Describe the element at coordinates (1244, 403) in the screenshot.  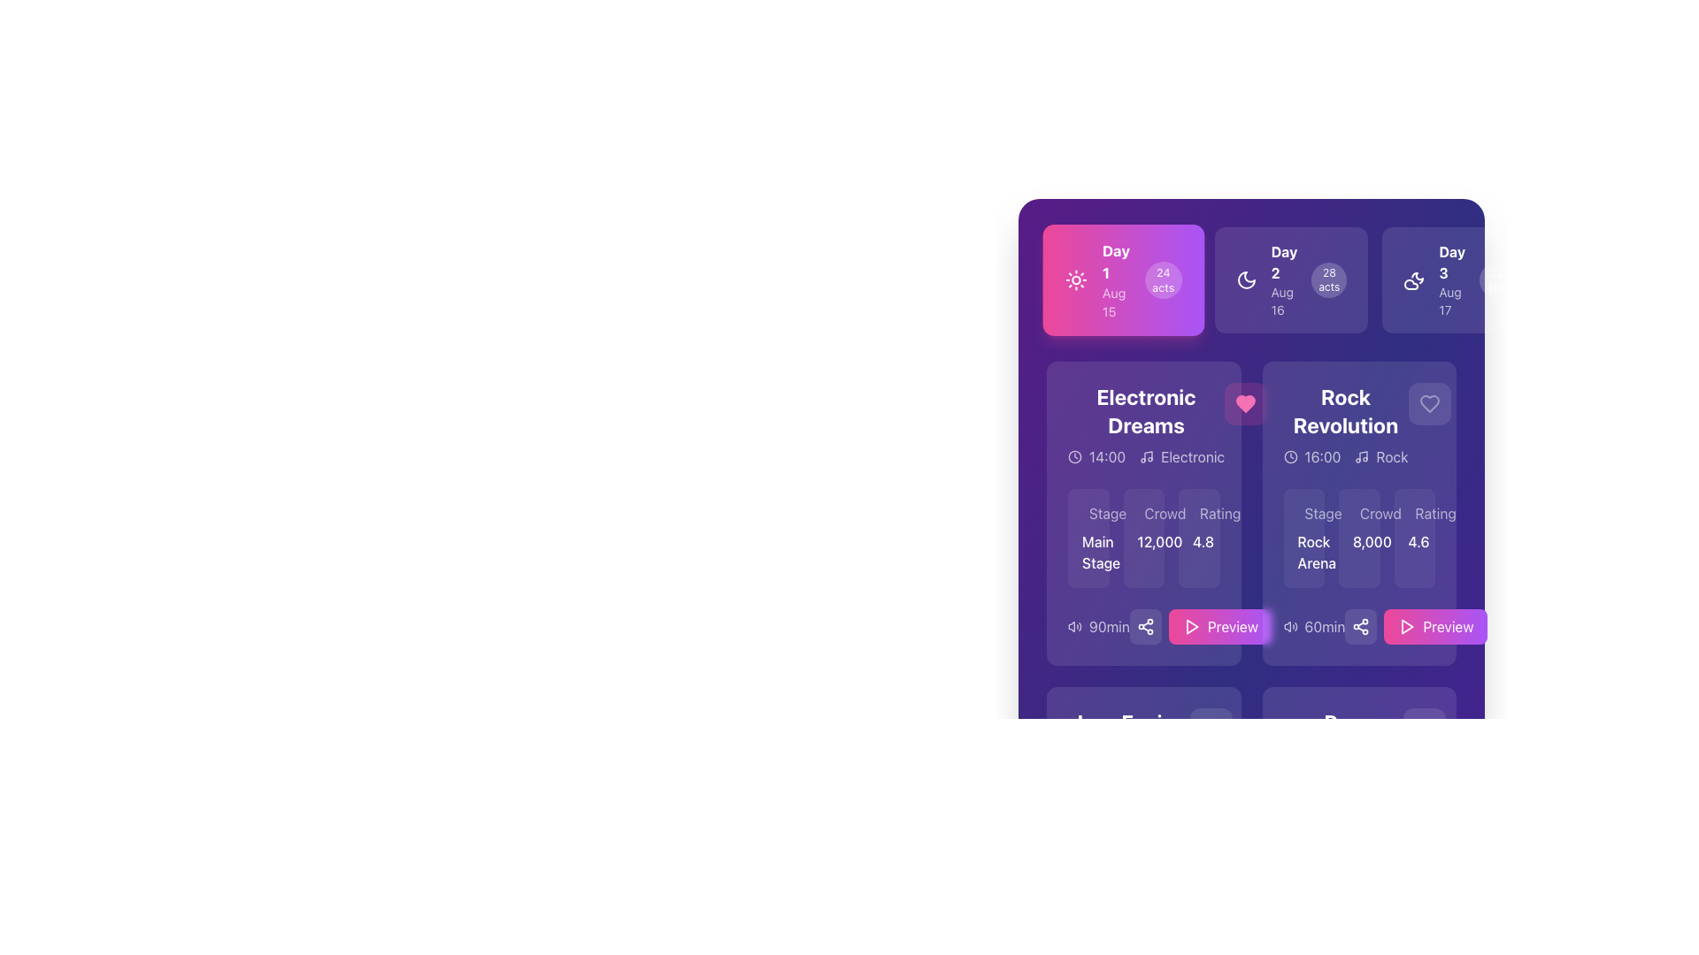
I see `the heart-shaped like/favorite button located to the right of the 'Electronic Dreams' title` at that location.